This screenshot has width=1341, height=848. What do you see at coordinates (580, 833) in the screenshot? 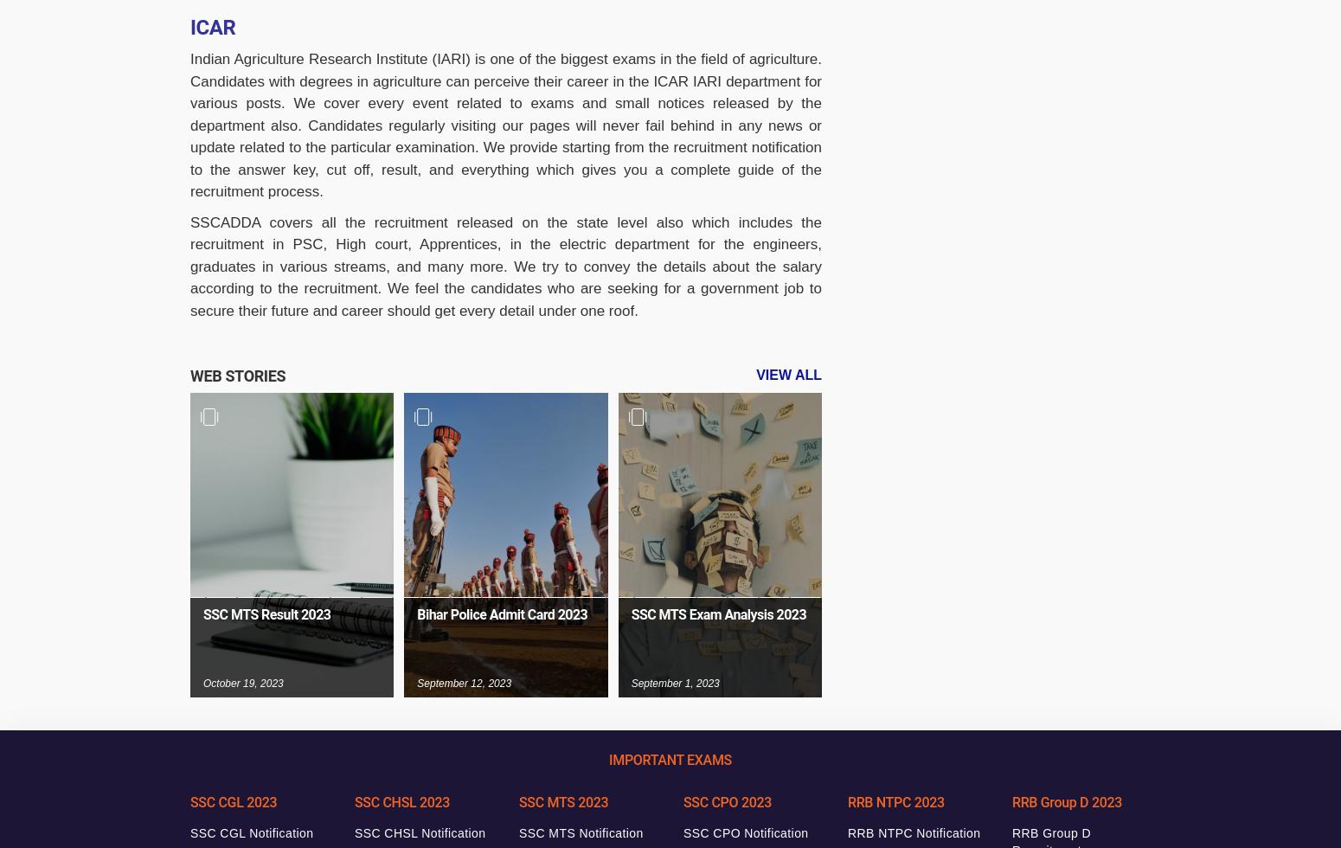
I see `'SSC MTS Notification'` at bounding box center [580, 833].